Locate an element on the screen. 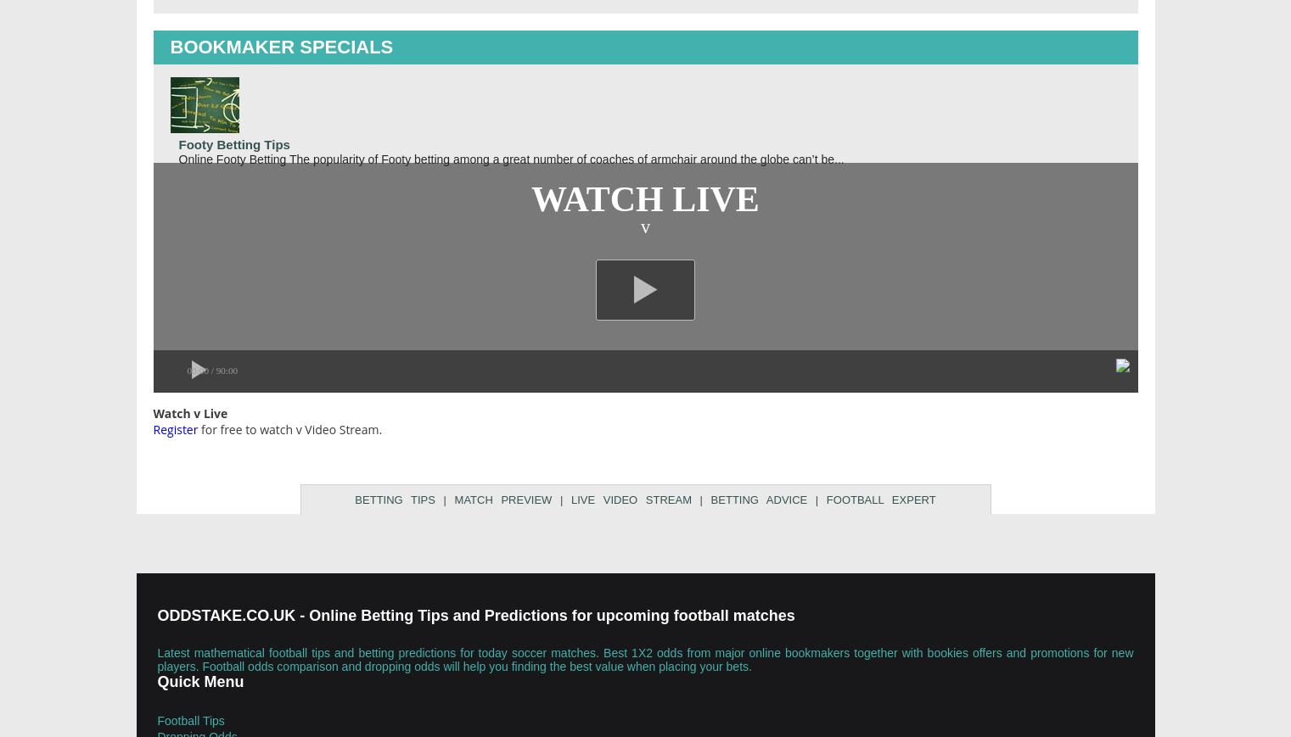 The width and height of the screenshot is (1291, 737). 'Watch  v  Live' is located at coordinates (189, 412).